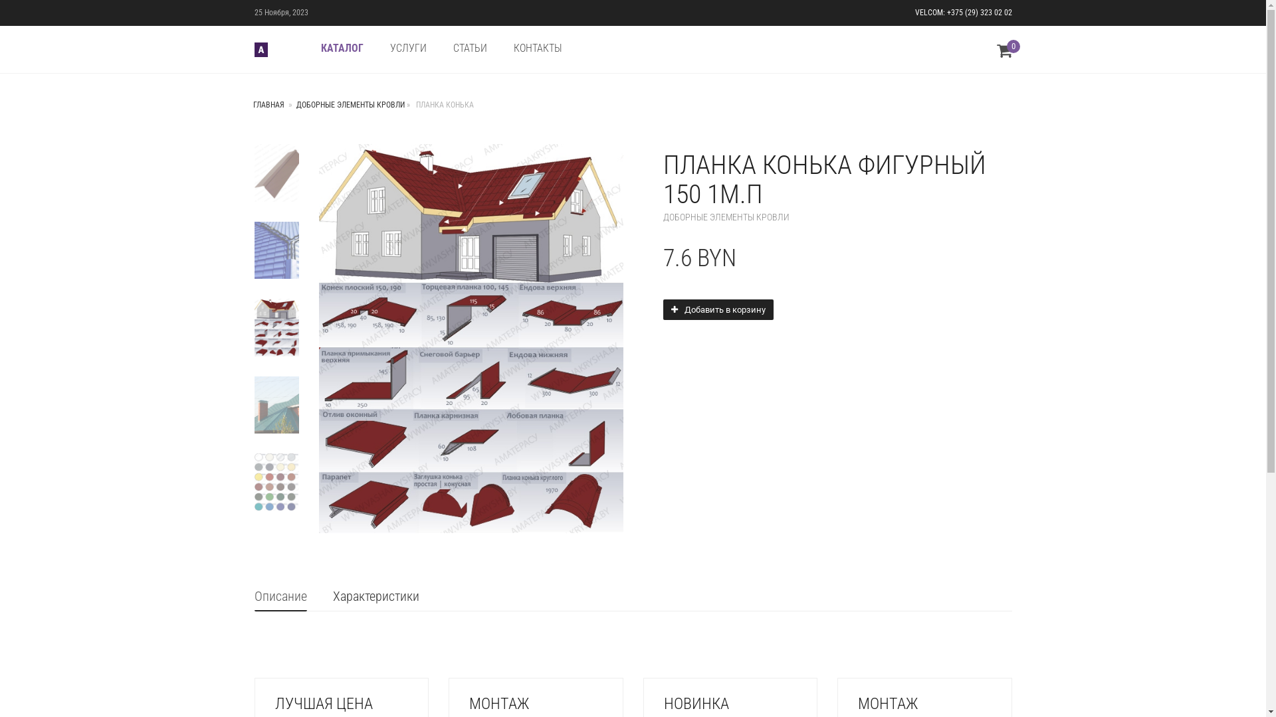 The height and width of the screenshot is (717, 1276). What do you see at coordinates (1004, 53) in the screenshot?
I see `'0'` at bounding box center [1004, 53].